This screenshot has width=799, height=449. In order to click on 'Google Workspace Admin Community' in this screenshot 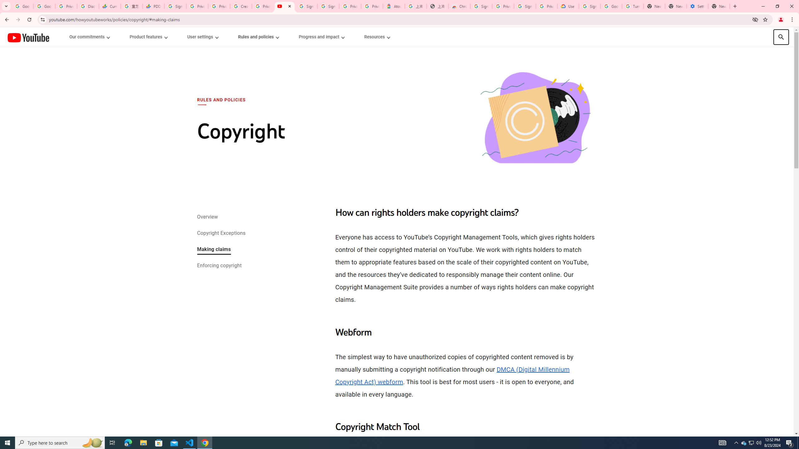, I will do `click(22, 6)`.